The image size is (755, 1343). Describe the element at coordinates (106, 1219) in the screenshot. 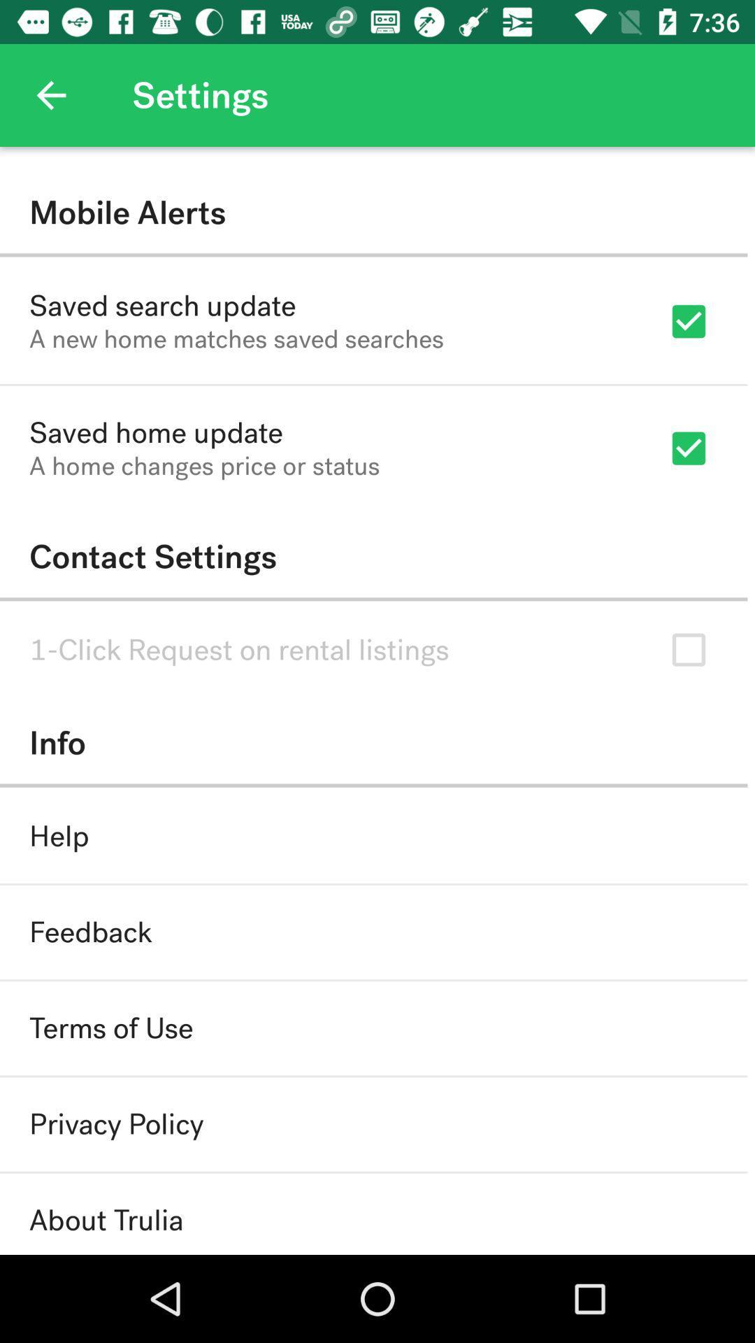

I see `about trulia` at that location.